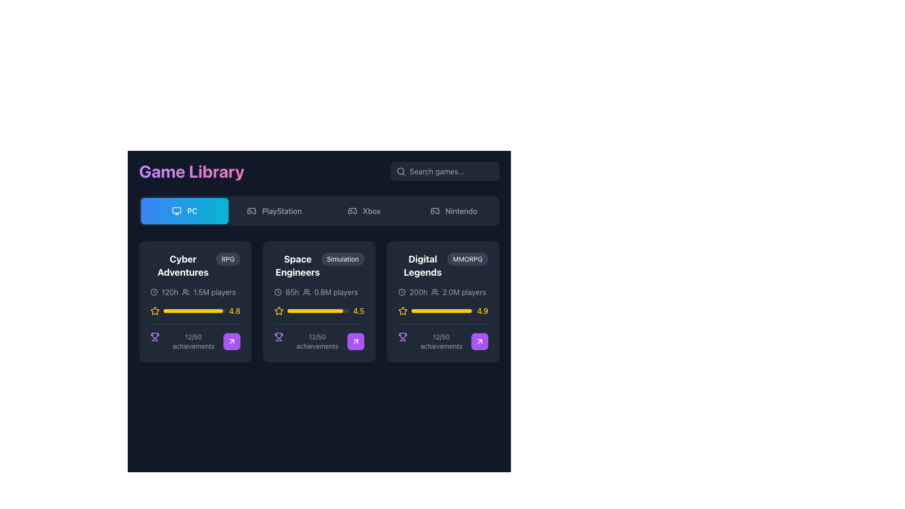  Describe the element at coordinates (443, 311) in the screenshot. I see `the progress bar of the Rating display component, which visually represents the game's rating of '4.9' located in the rightmost 'Digital Legends' card` at that location.